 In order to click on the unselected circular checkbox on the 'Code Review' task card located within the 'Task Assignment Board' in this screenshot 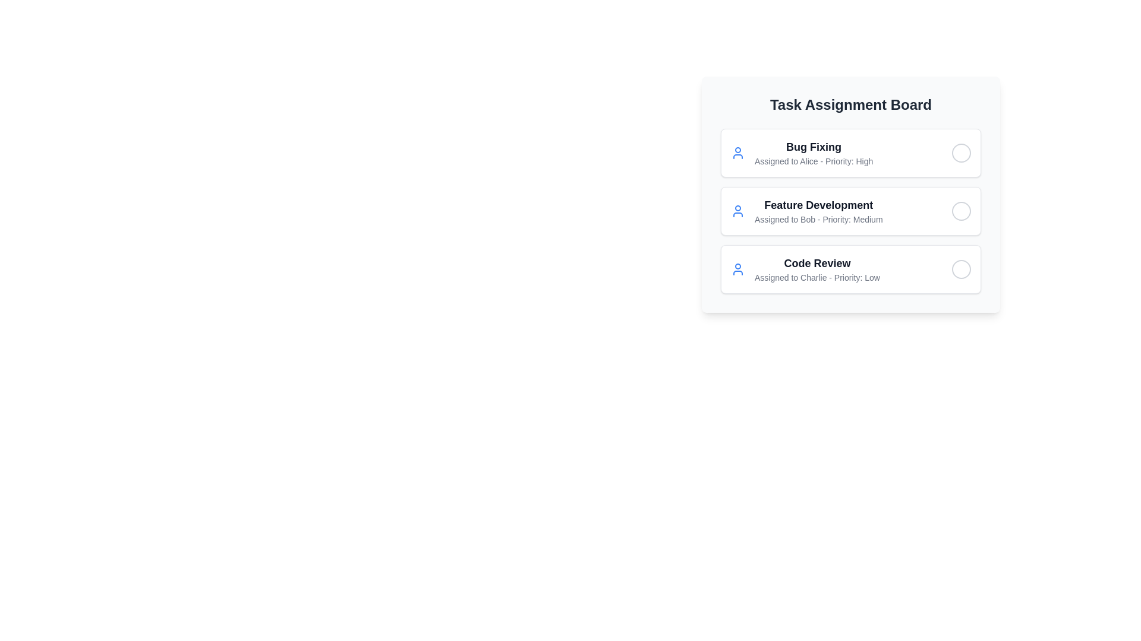, I will do `click(850, 269)`.